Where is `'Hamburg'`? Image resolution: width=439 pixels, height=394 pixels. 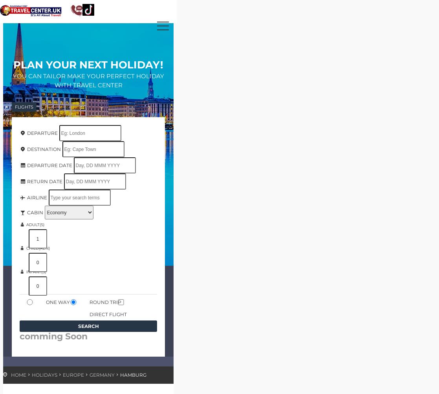
'Hamburg' is located at coordinates (133, 374).